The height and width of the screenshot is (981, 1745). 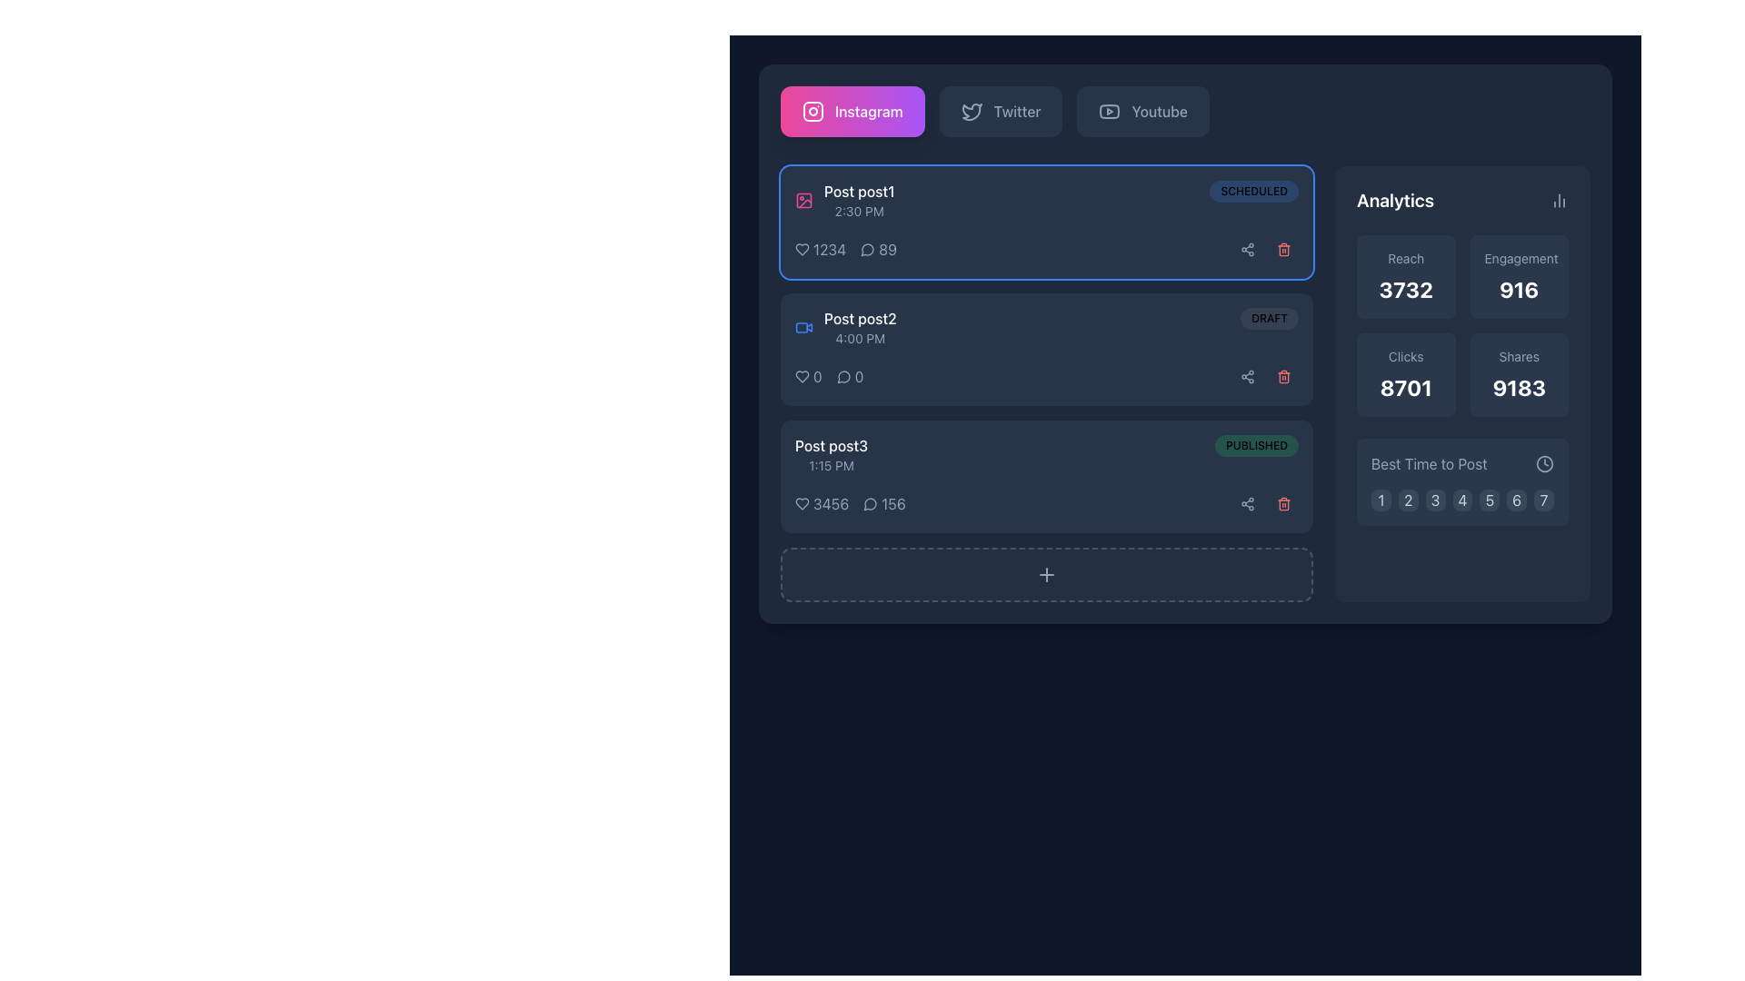 I want to click on the message icon and number '156' located under the 'Post post3' section, which is positioned to the right of the heart icon with number '3456', so click(x=884, y=504).